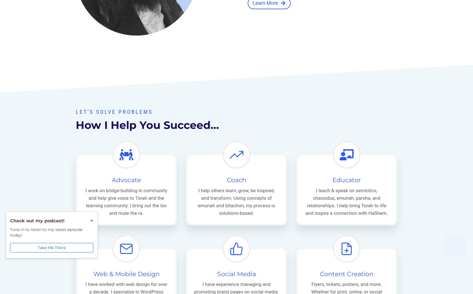  I want to click on 'Coach', so click(236, 180).